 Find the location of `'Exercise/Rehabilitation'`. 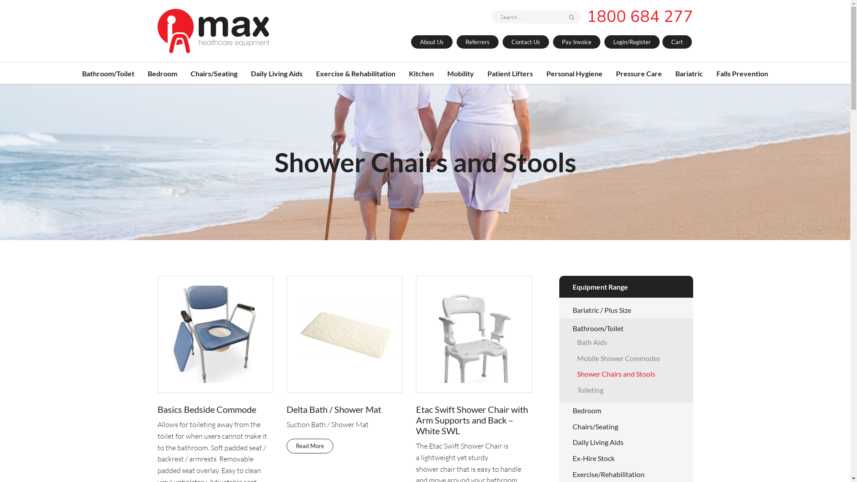

'Exercise/Rehabilitation' is located at coordinates (607, 474).